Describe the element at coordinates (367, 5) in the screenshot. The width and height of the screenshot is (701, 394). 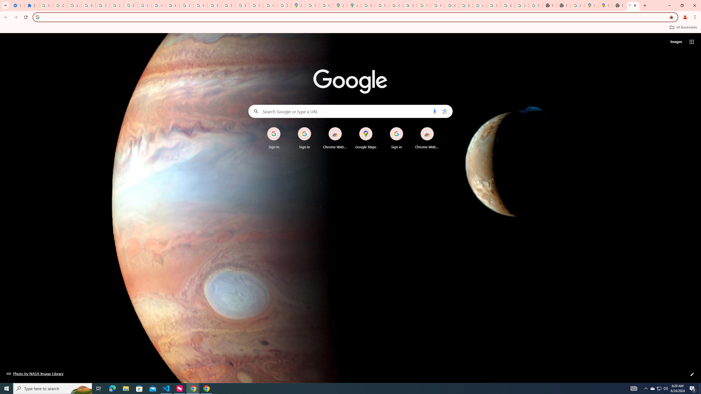
I see `'Policy Accountability and Transparency - Transparency Center'` at that location.